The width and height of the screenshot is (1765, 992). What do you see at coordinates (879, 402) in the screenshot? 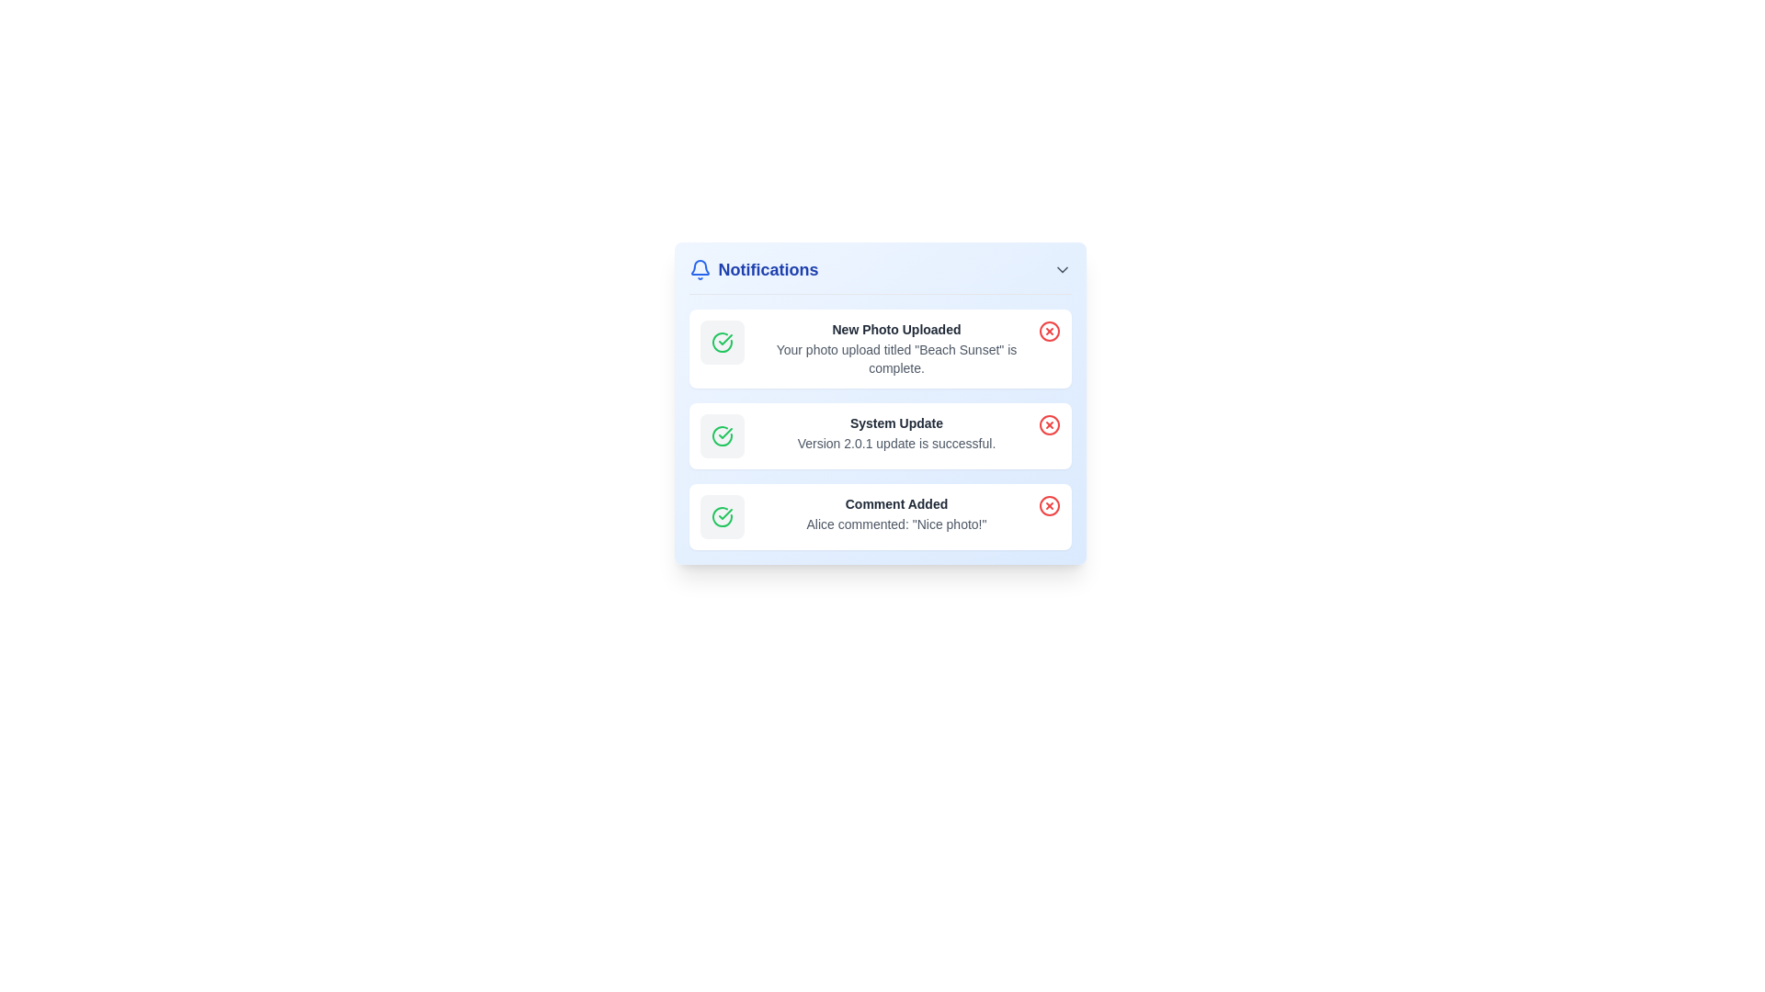
I see `the Notification Card, which has a soft blue gradient background and is the second item in the notifications panel` at bounding box center [879, 402].